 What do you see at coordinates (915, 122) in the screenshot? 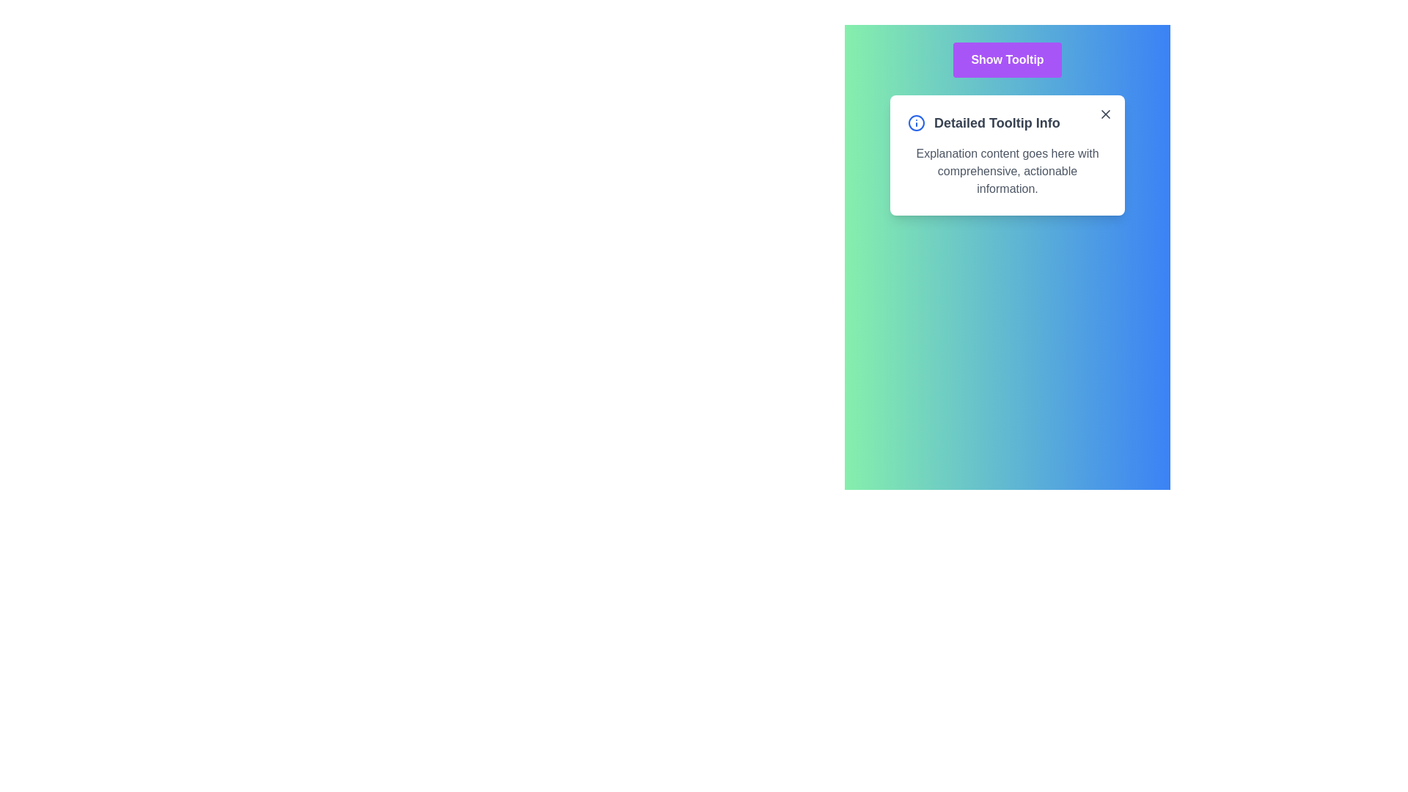
I see `the informational icon located at the beginning of the title text 'Detailed Tooltip Info' in the tooltip box, which is non-interactive and decorative` at bounding box center [915, 122].